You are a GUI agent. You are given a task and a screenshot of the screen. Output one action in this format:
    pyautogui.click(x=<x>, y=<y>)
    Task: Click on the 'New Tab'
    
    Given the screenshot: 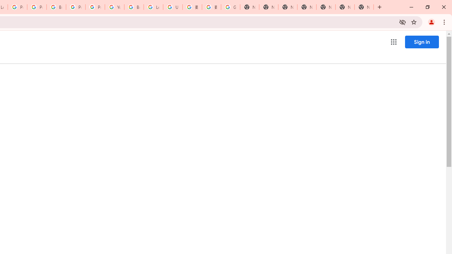 What is the action you would take?
    pyautogui.click(x=364, y=7)
    